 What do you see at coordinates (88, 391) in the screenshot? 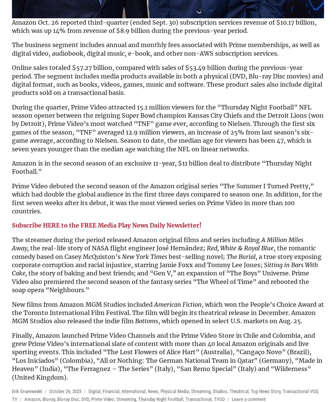
I see `'Digital'` at bounding box center [88, 391].